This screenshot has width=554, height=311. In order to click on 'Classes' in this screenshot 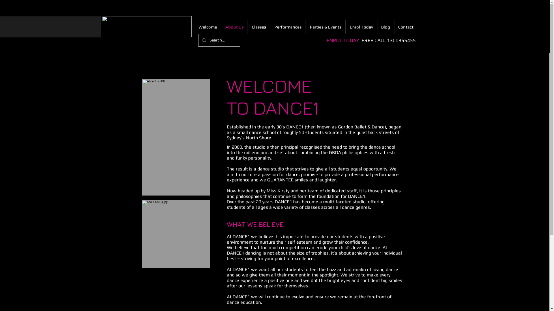, I will do `click(248, 27)`.